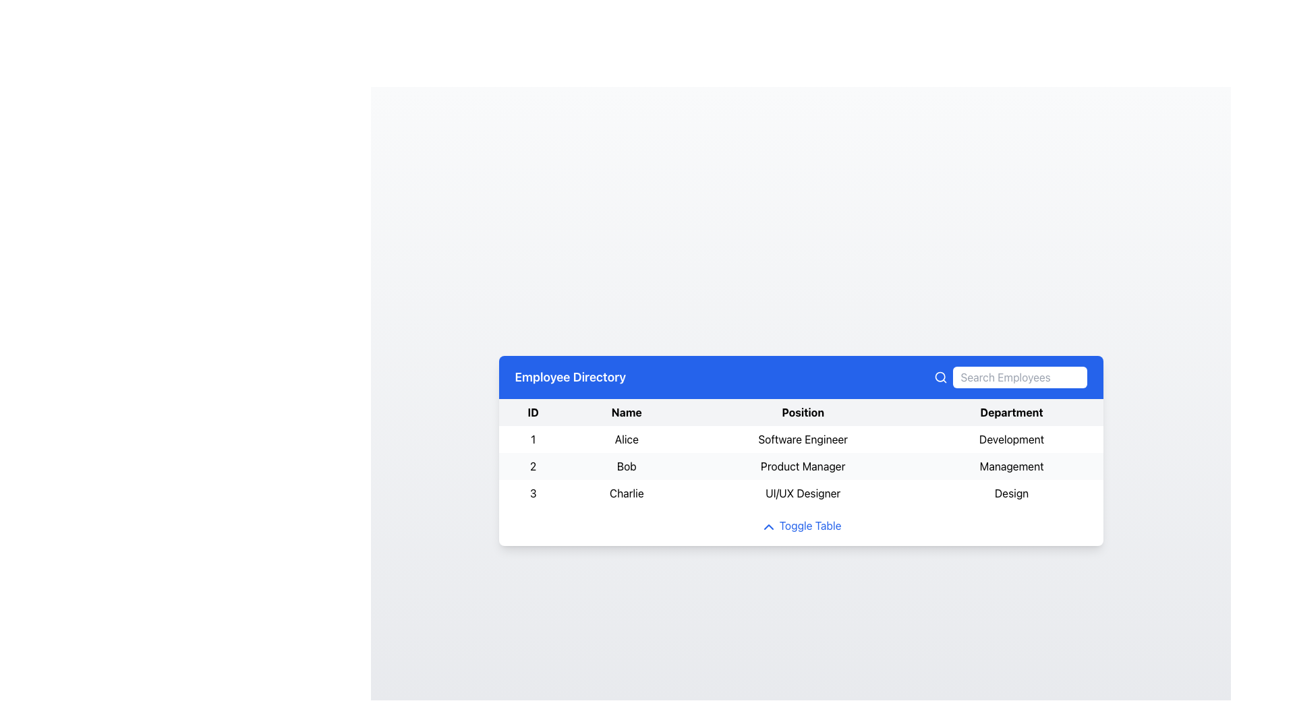 Image resolution: width=1295 pixels, height=728 pixels. I want to click on the static text element that provides information about Bob's job position in the 'Position' column of the second row of the 'Employee Directory' table, so click(803, 466).